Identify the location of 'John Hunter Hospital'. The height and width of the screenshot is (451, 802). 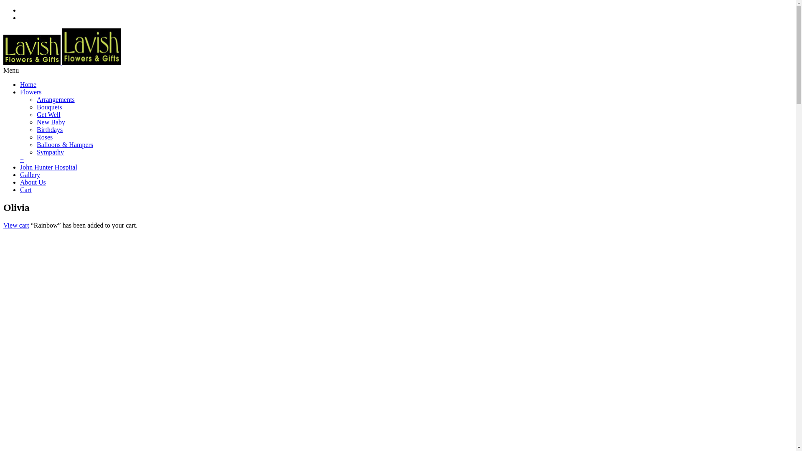
(48, 167).